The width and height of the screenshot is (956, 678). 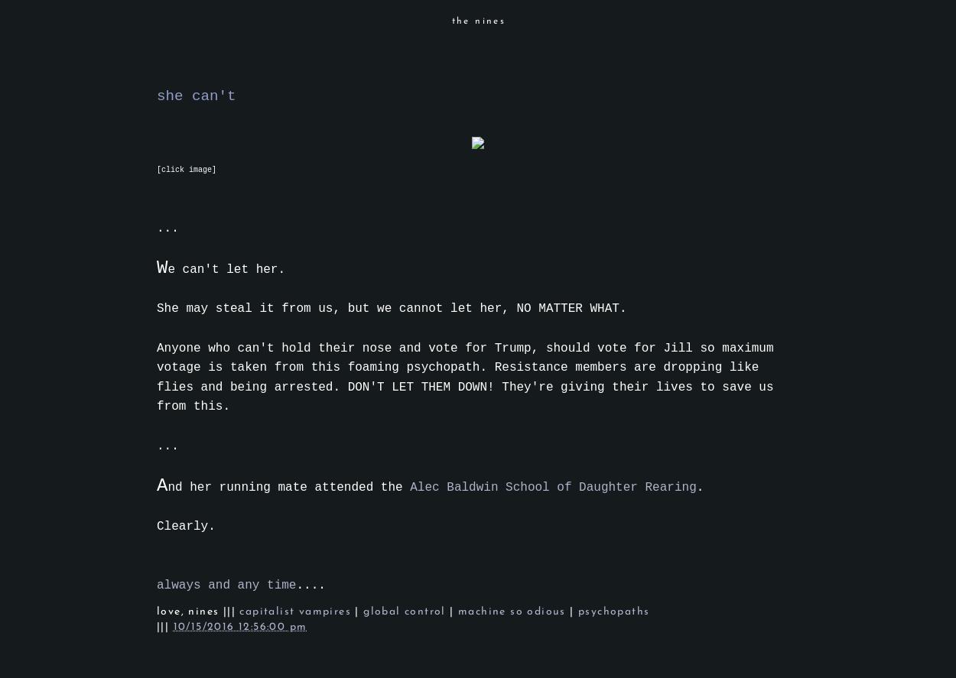 I want to click on 'She may steal it from us, but we cannot let her, NO MATTER WHAT.', so click(x=392, y=309).